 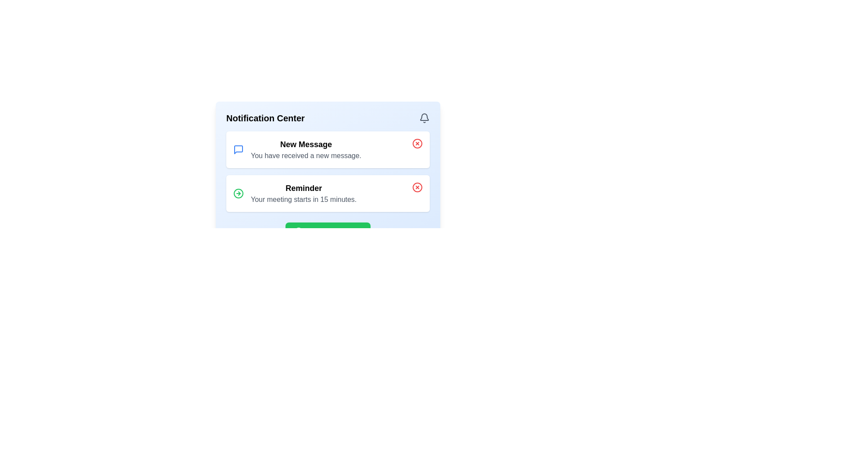 What do you see at coordinates (417, 143) in the screenshot?
I see `the dismissal button located at the top-right corner of the 'New Message' notification panel` at bounding box center [417, 143].